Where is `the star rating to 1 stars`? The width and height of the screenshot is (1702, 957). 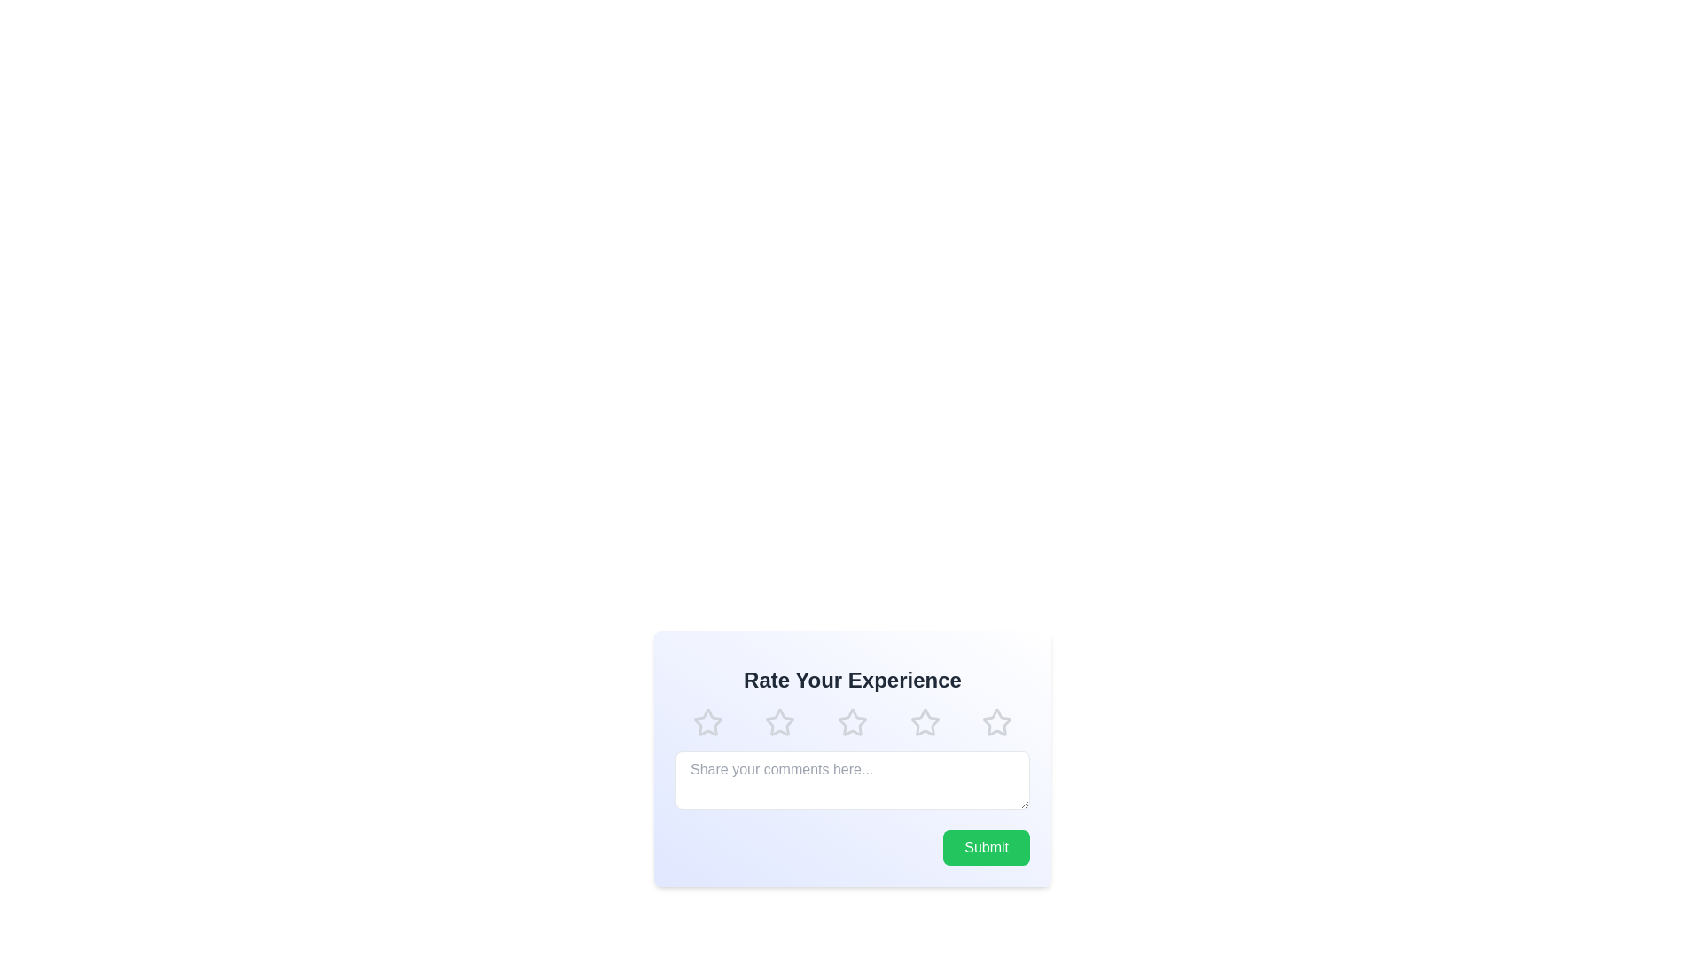
the star rating to 1 stars is located at coordinates (706, 723).